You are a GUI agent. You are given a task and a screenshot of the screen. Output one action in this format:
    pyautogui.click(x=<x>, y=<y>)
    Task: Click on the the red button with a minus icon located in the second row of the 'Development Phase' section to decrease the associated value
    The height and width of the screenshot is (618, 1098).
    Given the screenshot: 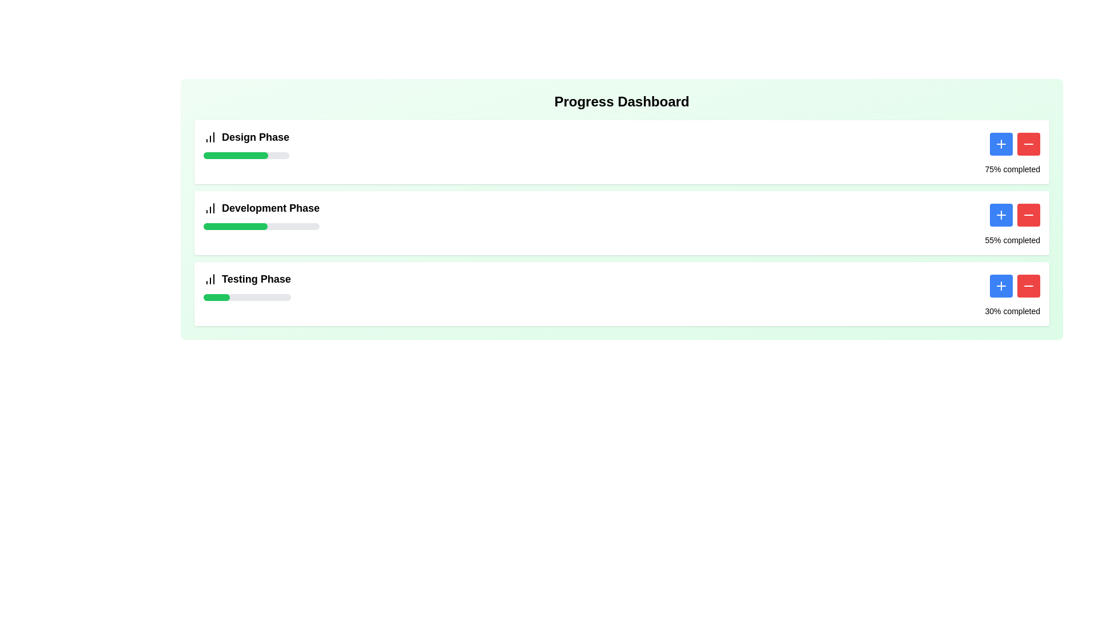 What is the action you would take?
    pyautogui.click(x=1029, y=215)
    